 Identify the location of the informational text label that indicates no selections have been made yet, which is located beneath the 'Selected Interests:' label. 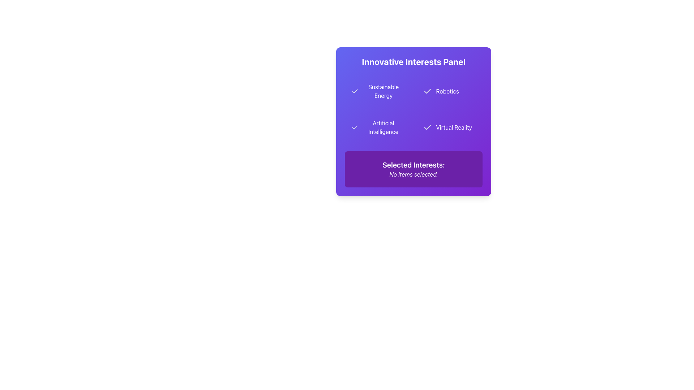
(414, 174).